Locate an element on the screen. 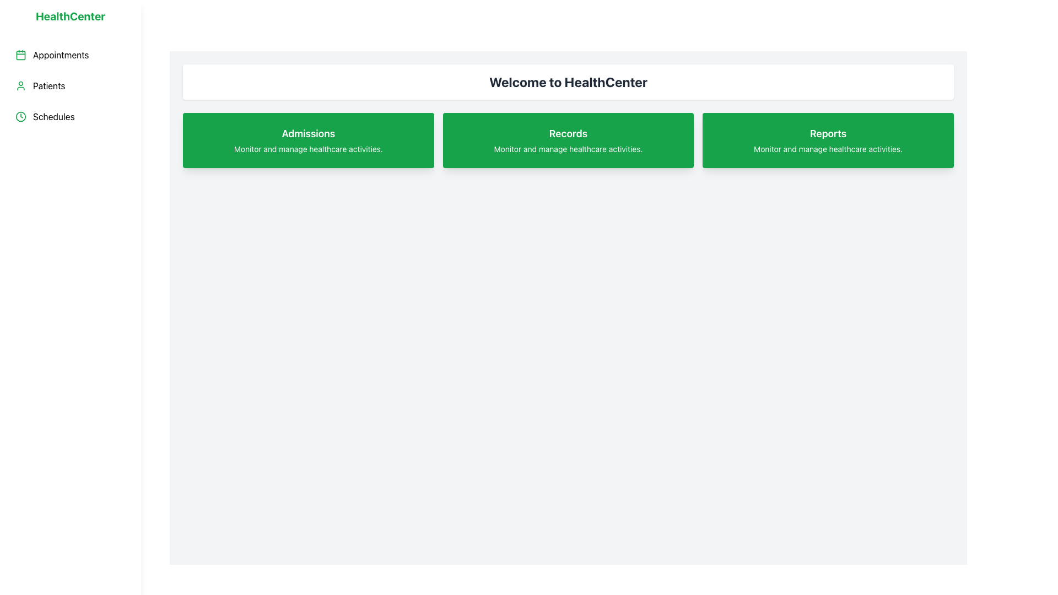 The width and height of the screenshot is (1058, 595). the Static Text element that displays 'Monitor and manage healthcare activities.' which is styled in a smaller font on a green background, located below the 'Admissions' element is located at coordinates (308, 149).